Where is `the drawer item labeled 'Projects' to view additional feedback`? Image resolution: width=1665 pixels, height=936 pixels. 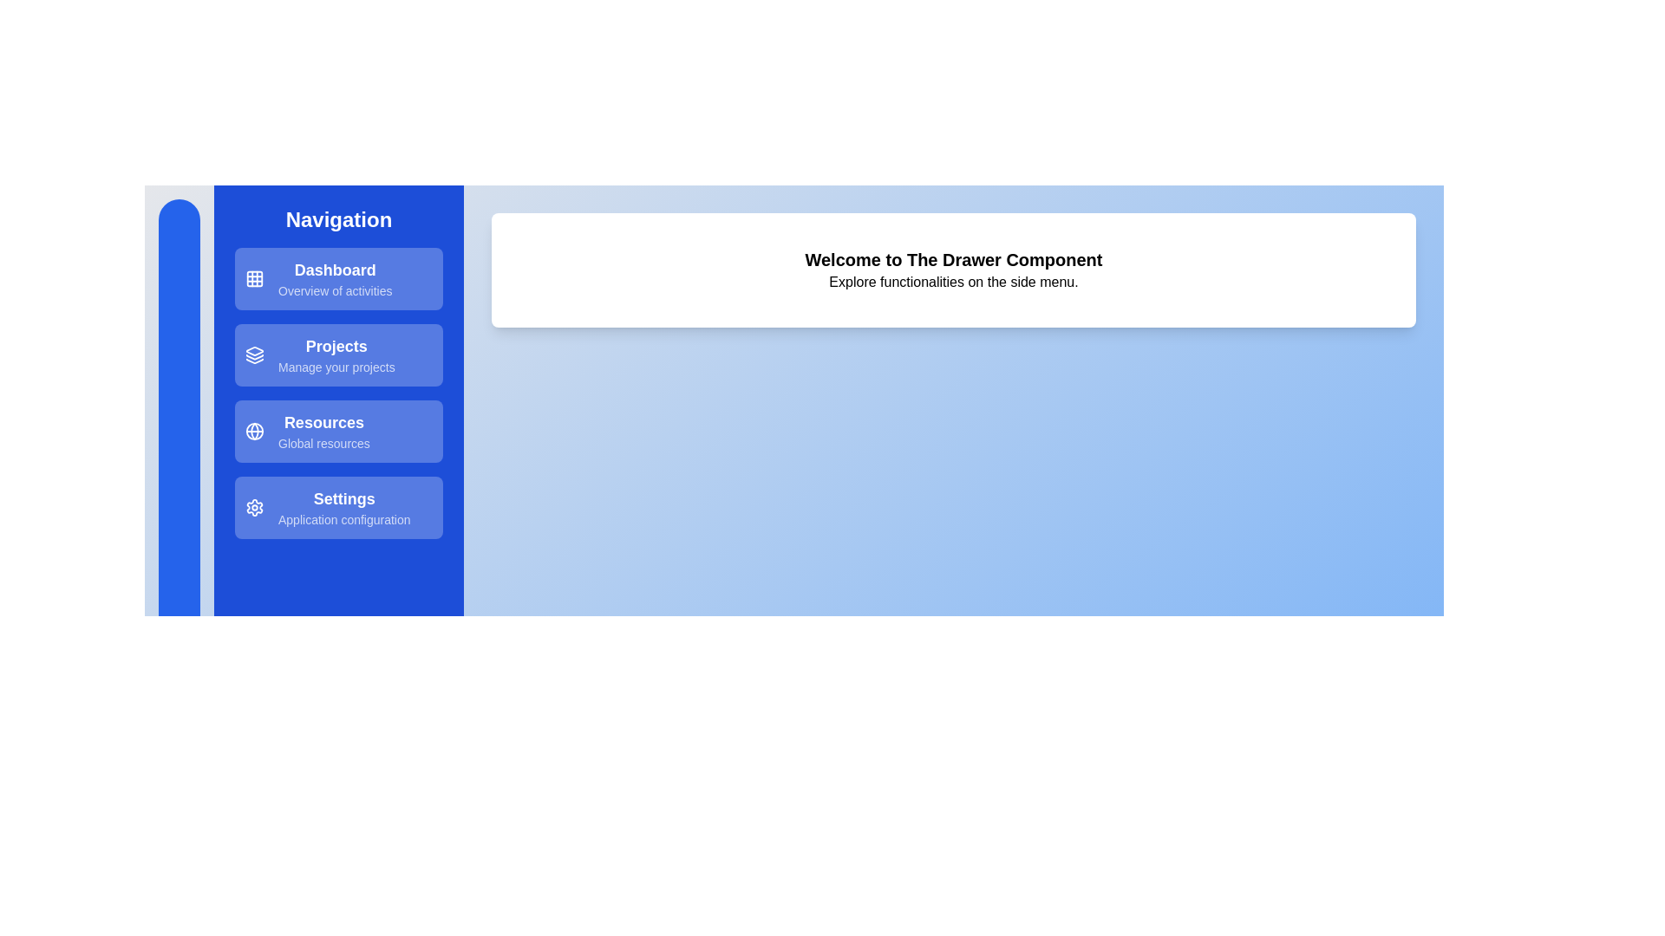 the drawer item labeled 'Projects' to view additional feedback is located at coordinates (338, 354).